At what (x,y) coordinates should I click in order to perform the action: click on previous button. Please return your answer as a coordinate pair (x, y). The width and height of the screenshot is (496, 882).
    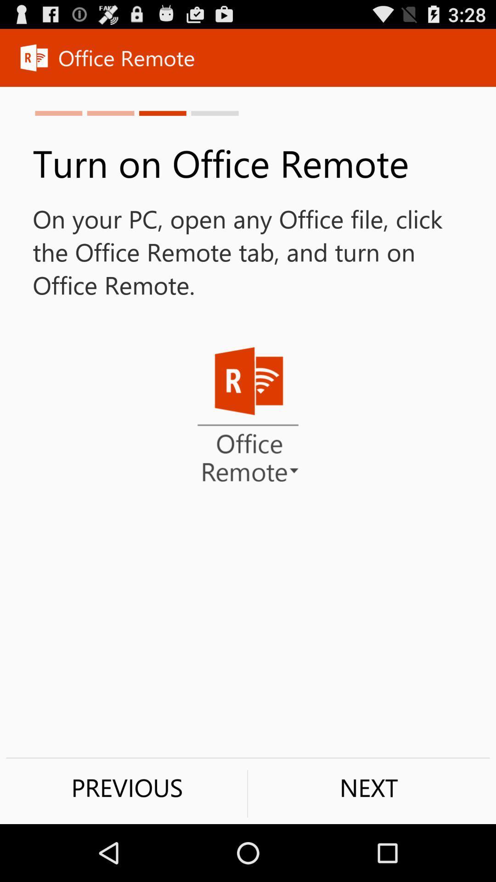
    Looking at the image, I should click on (127, 787).